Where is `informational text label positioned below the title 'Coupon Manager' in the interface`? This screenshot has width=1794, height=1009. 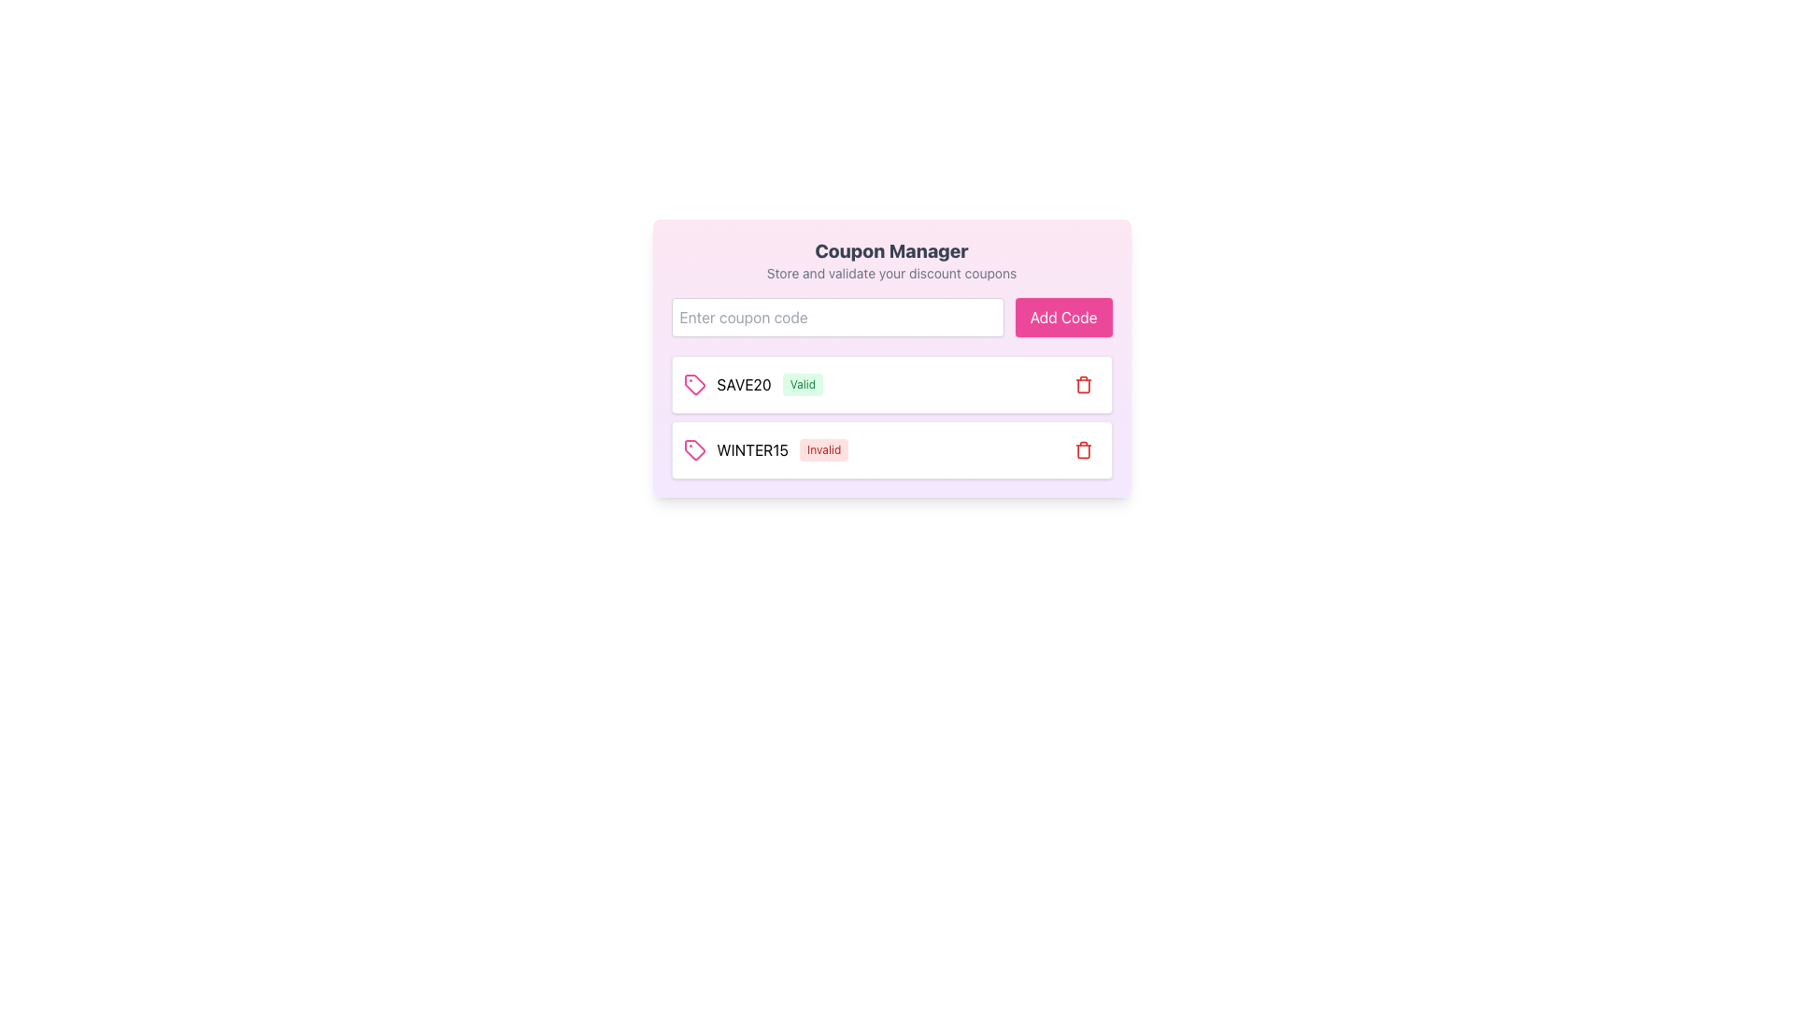
informational text label positioned below the title 'Coupon Manager' in the interface is located at coordinates (890, 274).